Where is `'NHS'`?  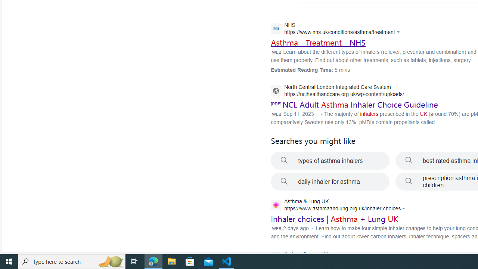 'NHS' is located at coordinates (337, 29).